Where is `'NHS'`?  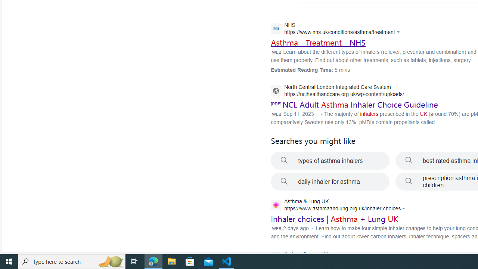 'NHS' is located at coordinates (337, 29).